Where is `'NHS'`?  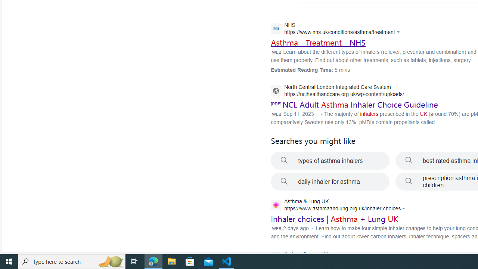 'NHS' is located at coordinates (337, 29).